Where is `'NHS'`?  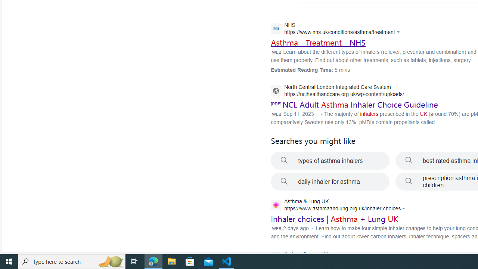 'NHS' is located at coordinates (337, 29).